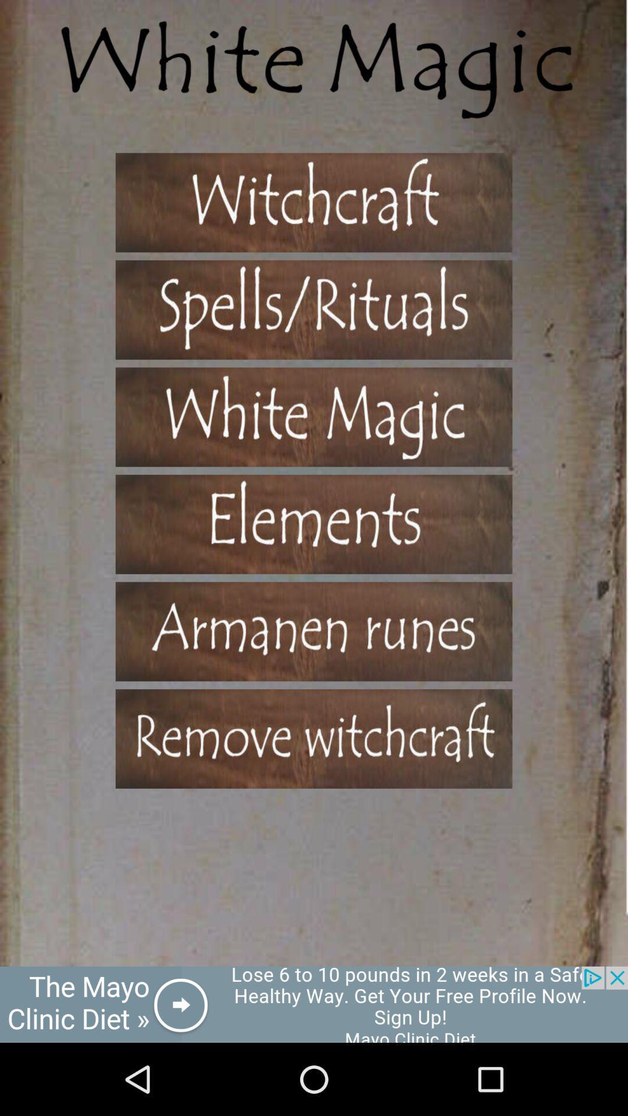 The height and width of the screenshot is (1116, 628). Describe the element at coordinates (314, 738) in the screenshot. I see `remove option` at that location.